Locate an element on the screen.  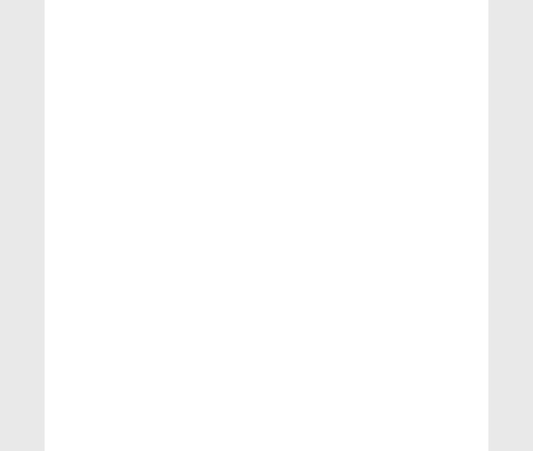
'Learn Hindi Letters' is located at coordinates (408, 83).